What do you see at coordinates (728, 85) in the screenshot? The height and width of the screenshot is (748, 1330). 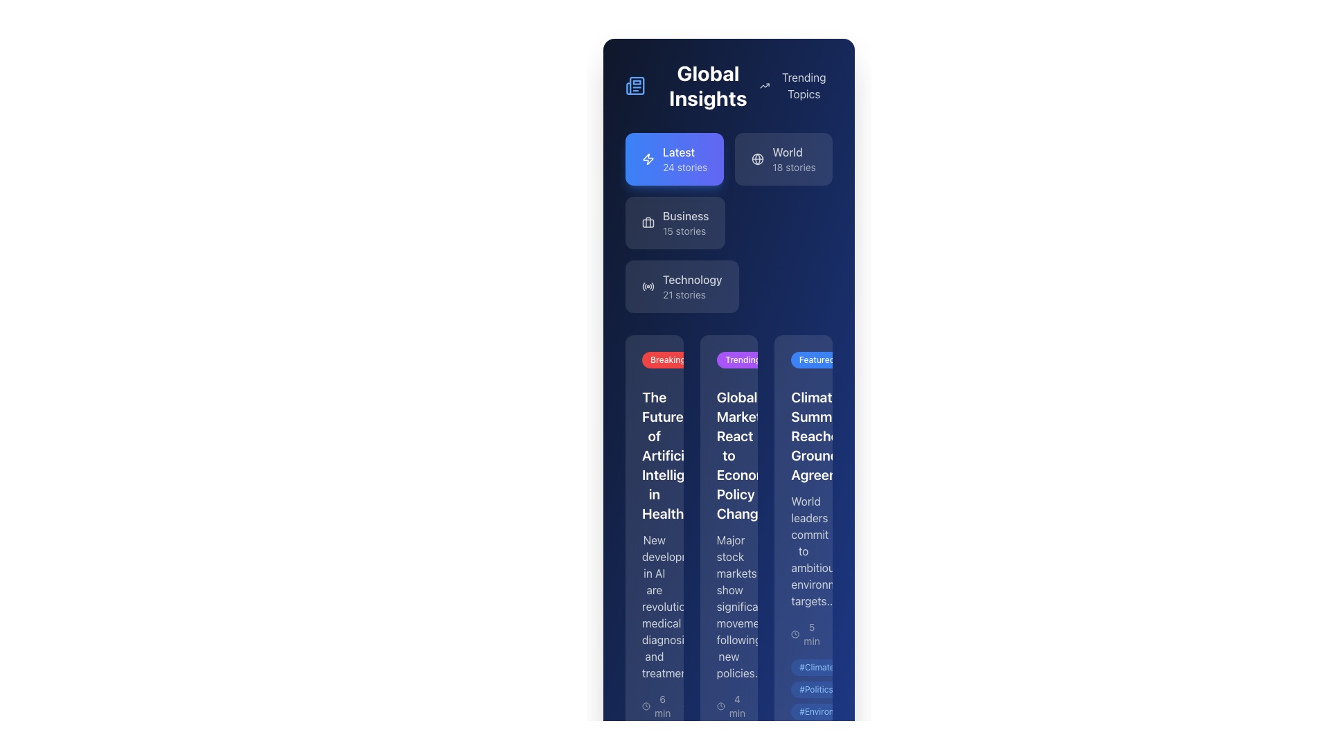 I see `the 'Global Insights' text portion in the header element` at bounding box center [728, 85].